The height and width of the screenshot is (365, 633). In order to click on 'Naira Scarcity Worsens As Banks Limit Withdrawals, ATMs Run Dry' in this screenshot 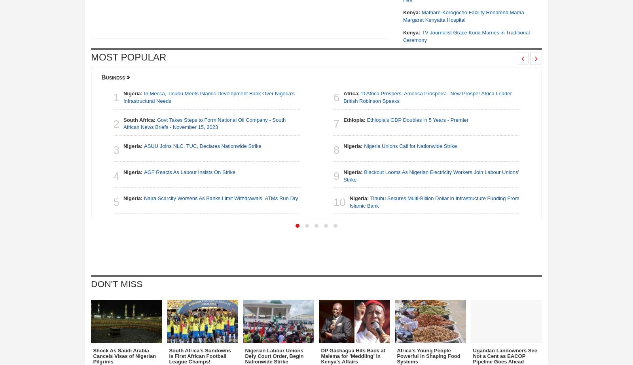, I will do `click(220, 198)`.